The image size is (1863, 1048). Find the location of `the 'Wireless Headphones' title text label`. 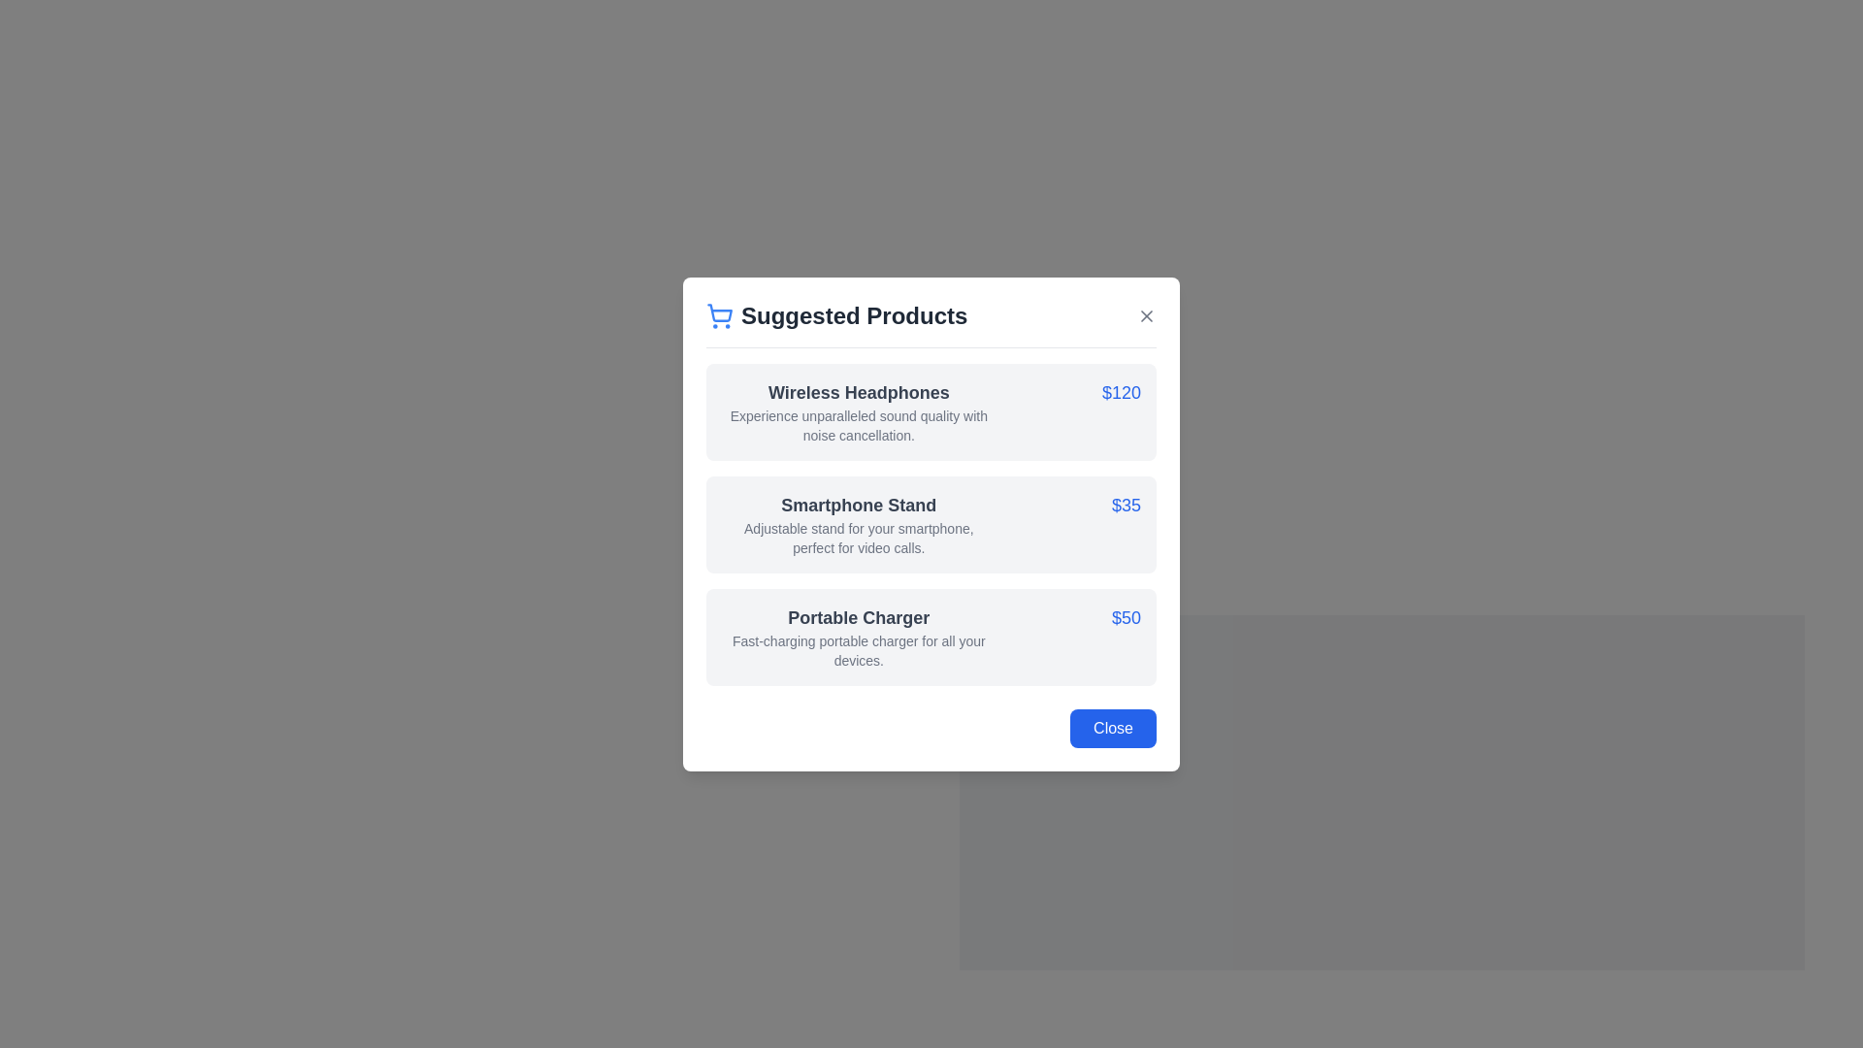

the 'Wireless Headphones' title text label is located at coordinates (858, 392).